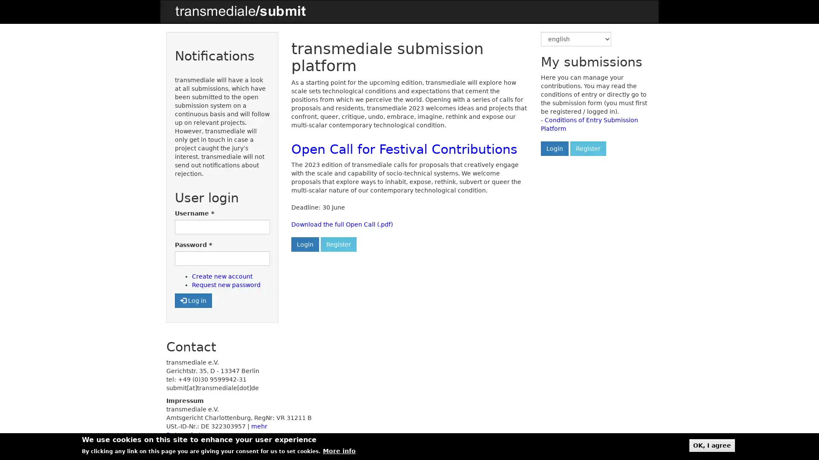 The image size is (819, 460). I want to click on Log in, so click(193, 300).